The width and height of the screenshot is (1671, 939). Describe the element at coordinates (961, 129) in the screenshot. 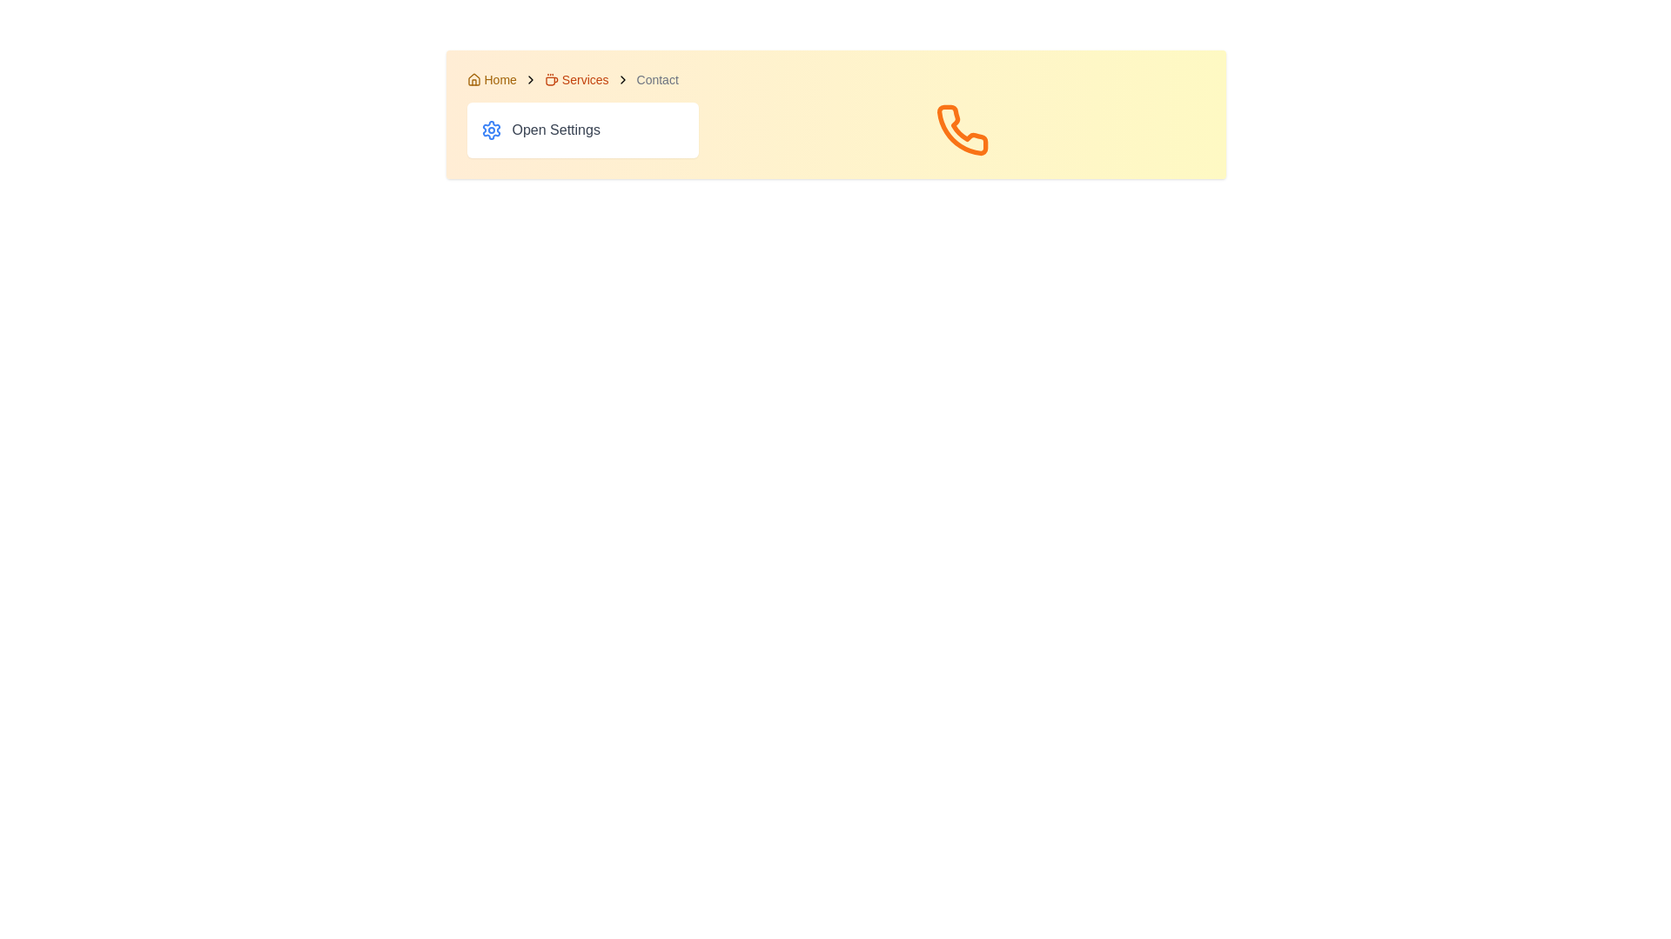

I see `the orange phone icon located on the header section towards the right side` at that location.